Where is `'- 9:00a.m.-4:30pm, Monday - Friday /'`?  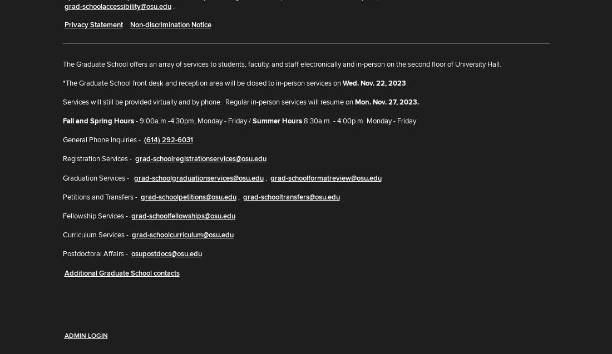 '- 9:00a.m.-4:30pm, Monday - Friday /' is located at coordinates (134, 121).